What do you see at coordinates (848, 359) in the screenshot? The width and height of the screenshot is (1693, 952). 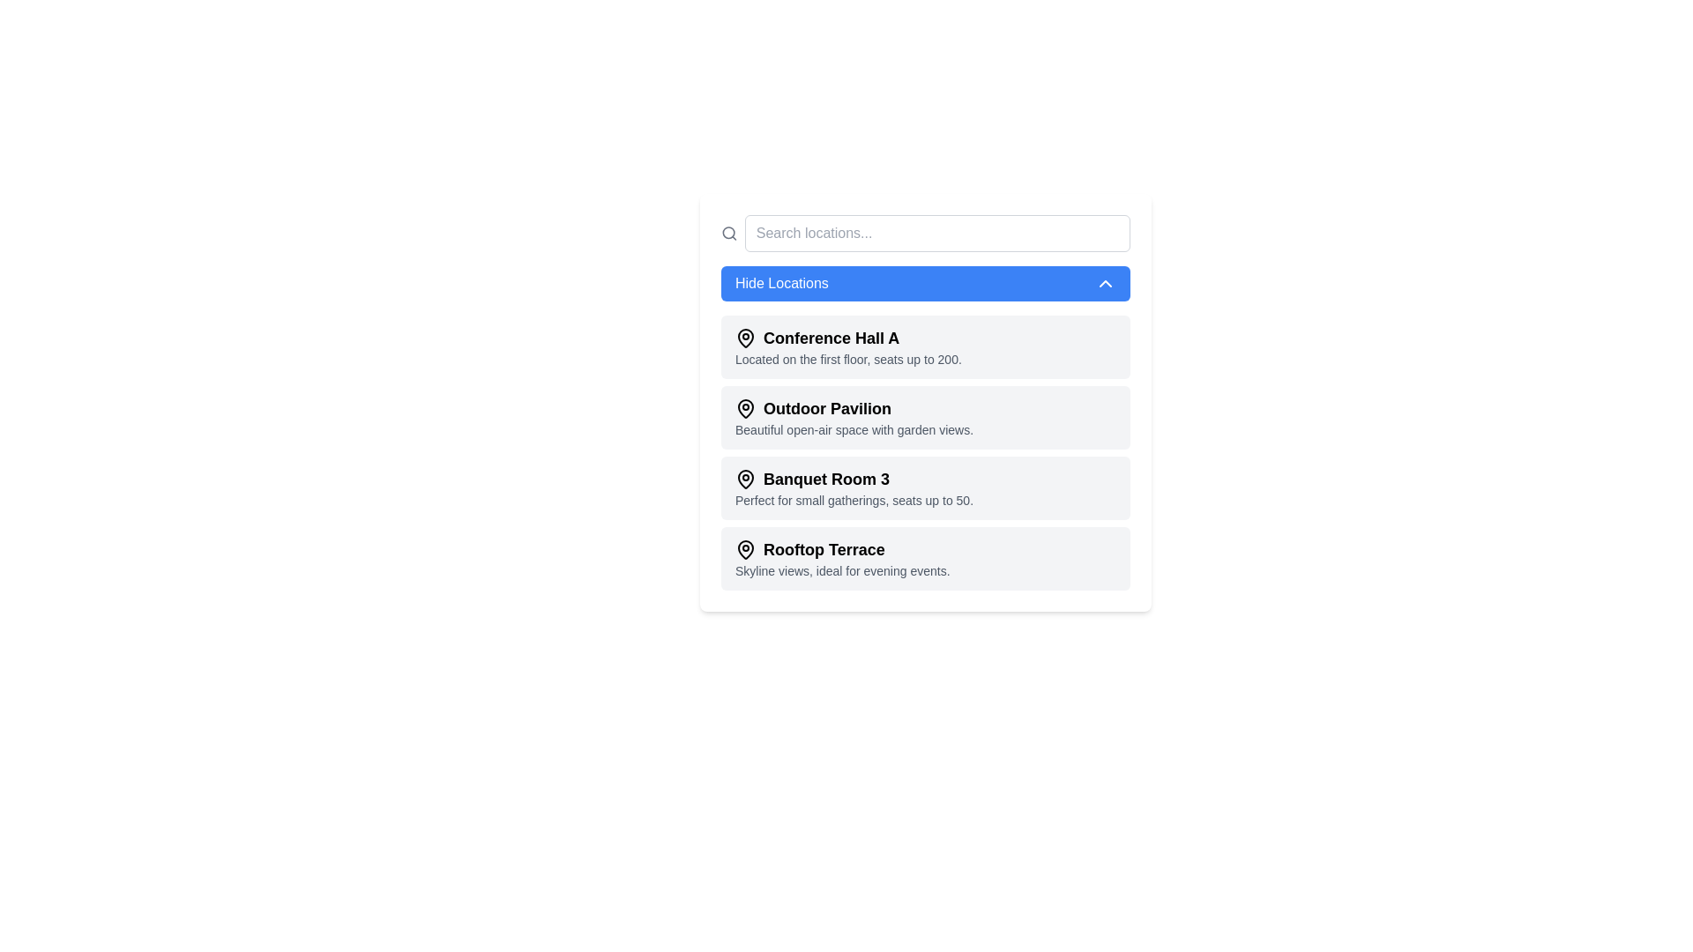 I see `supplementary text stating 'Located on the first floor, seats up to 200.' which is the second line under 'Conference Hall A'` at bounding box center [848, 359].